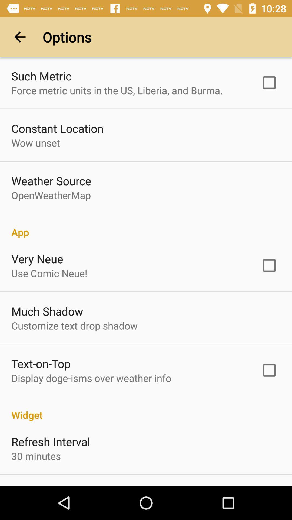  What do you see at coordinates (146, 226) in the screenshot?
I see `the app below openweathermap` at bounding box center [146, 226].